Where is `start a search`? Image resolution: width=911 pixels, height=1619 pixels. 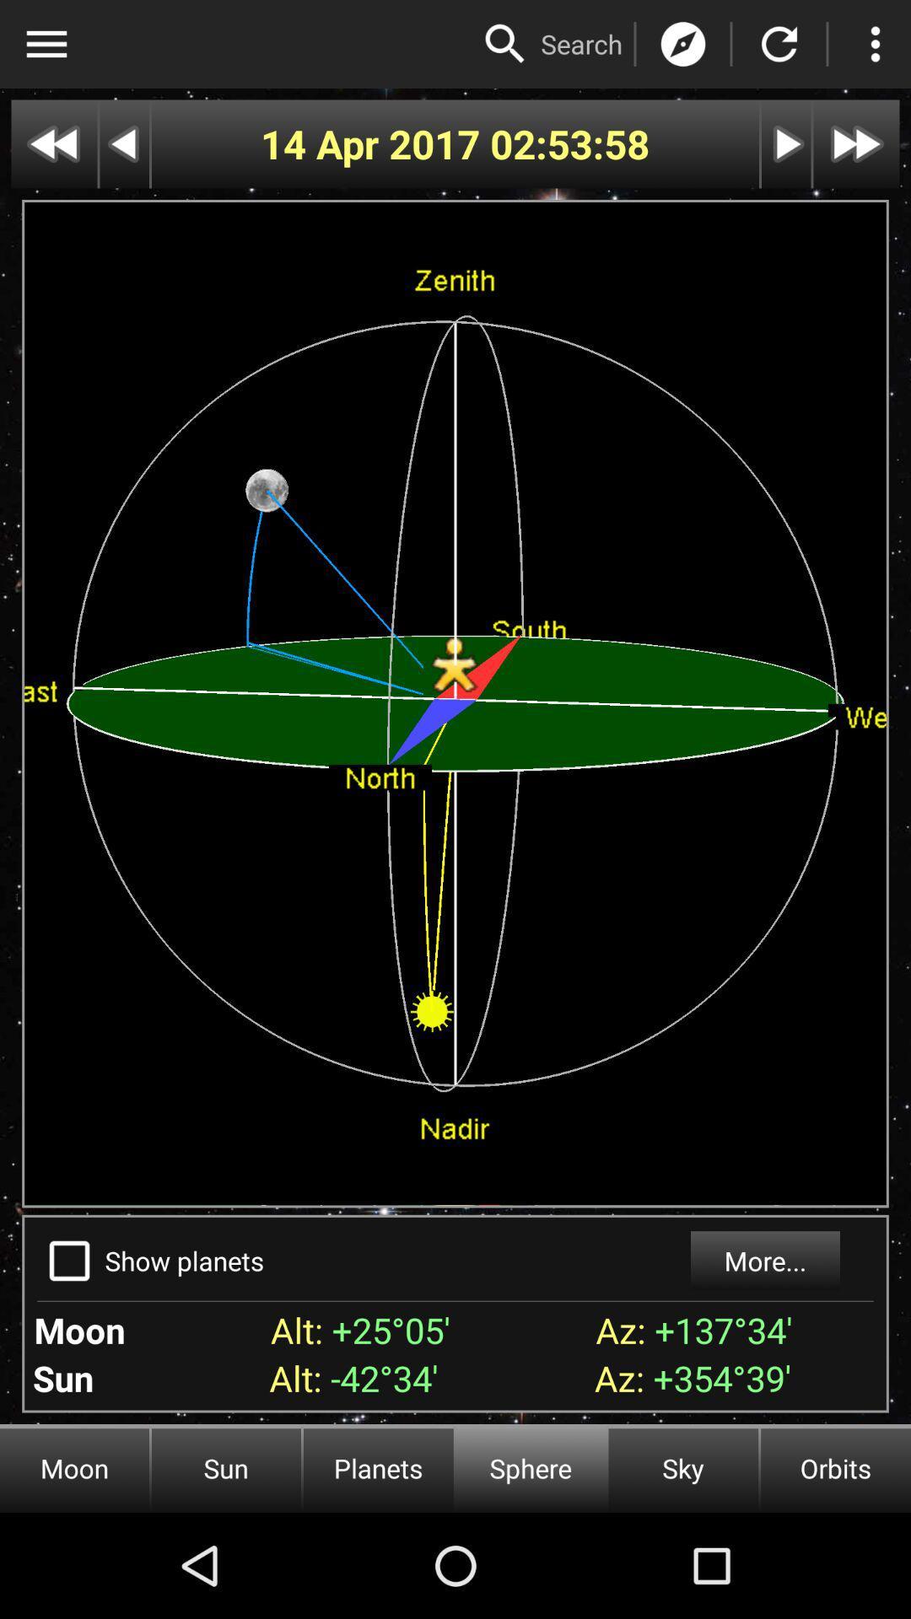 start a search is located at coordinates (504, 44).